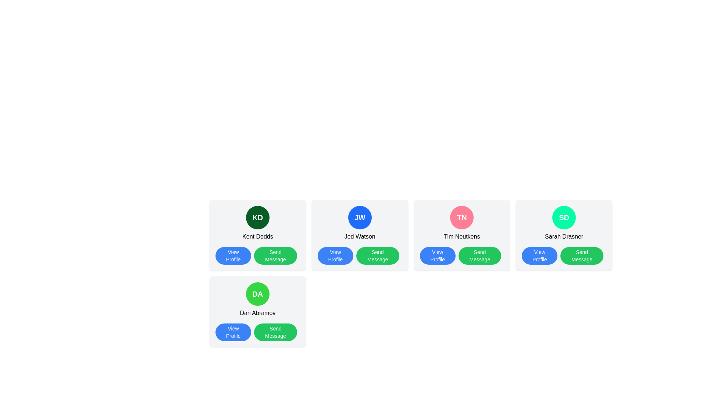 This screenshot has width=706, height=397. I want to click on the blue button labeled 'View Profile' to observe the hover effect, which changes its background color slightly. This button is located within the profile card of 'Sarah Drasner', positioned to the left of the 'Send Message' button, so click(539, 255).